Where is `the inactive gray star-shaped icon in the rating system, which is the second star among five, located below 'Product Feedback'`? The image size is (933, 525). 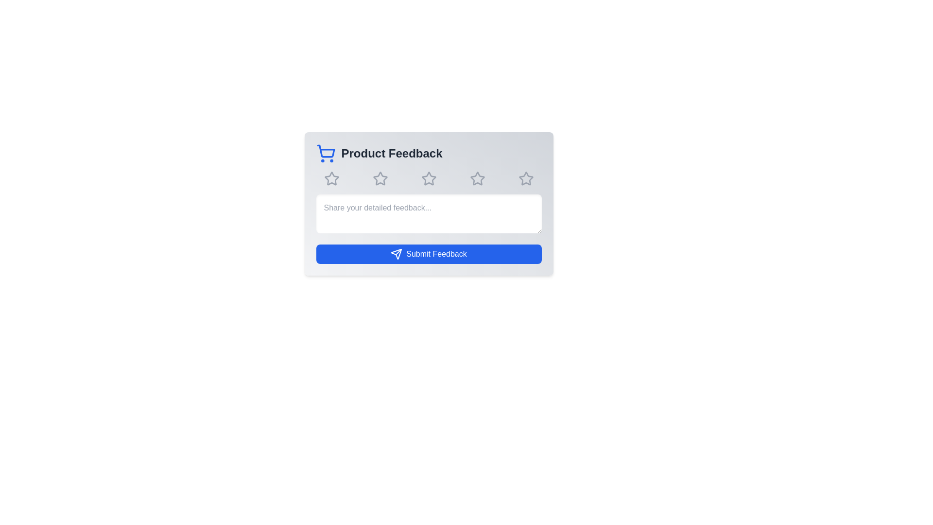 the inactive gray star-shaped icon in the rating system, which is the second star among five, located below 'Product Feedback' is located at coordinates (380, 178).